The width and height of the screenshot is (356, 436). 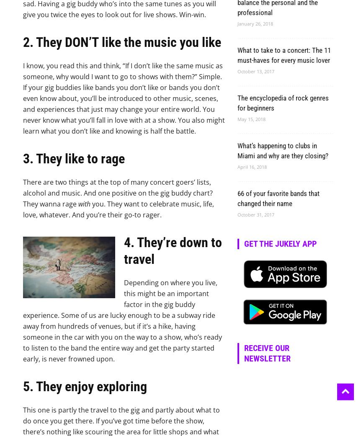 I want to click on 'There are two things at the top of many concert goers’ lists, alcohol and music. And one positive on the gig buddy chart? They wanna rage', so click(x=117, y=192).